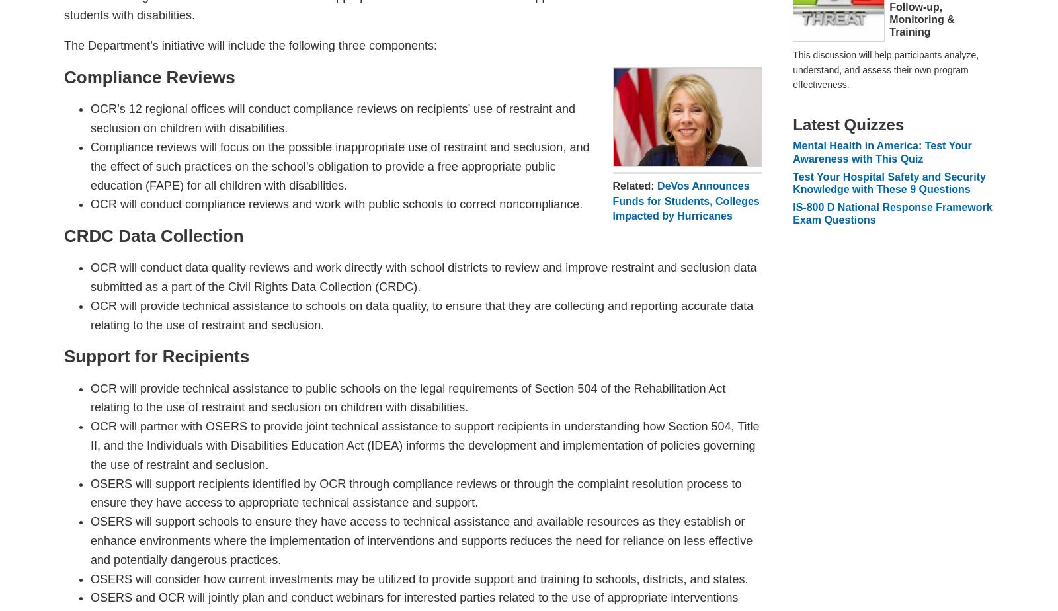 The width and height of the screenshot is (1058, 611). I want to click on 'OSERS will support recipients identified by OCR through compliance reviews or through the complaint resolution process to ensure they have access to appropriate technical assistance and support.', so click(415, 493).